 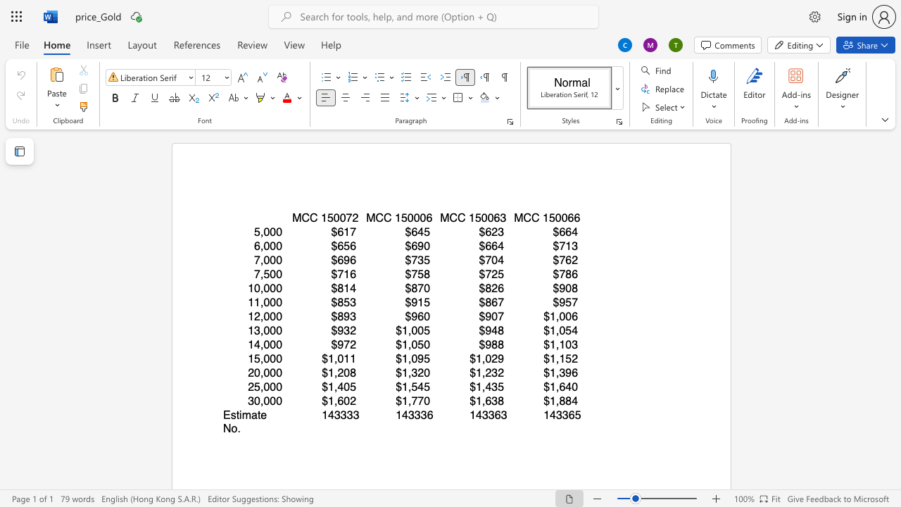 I want to click on the 3th character "0" in the text, so click(x=422, y=218).